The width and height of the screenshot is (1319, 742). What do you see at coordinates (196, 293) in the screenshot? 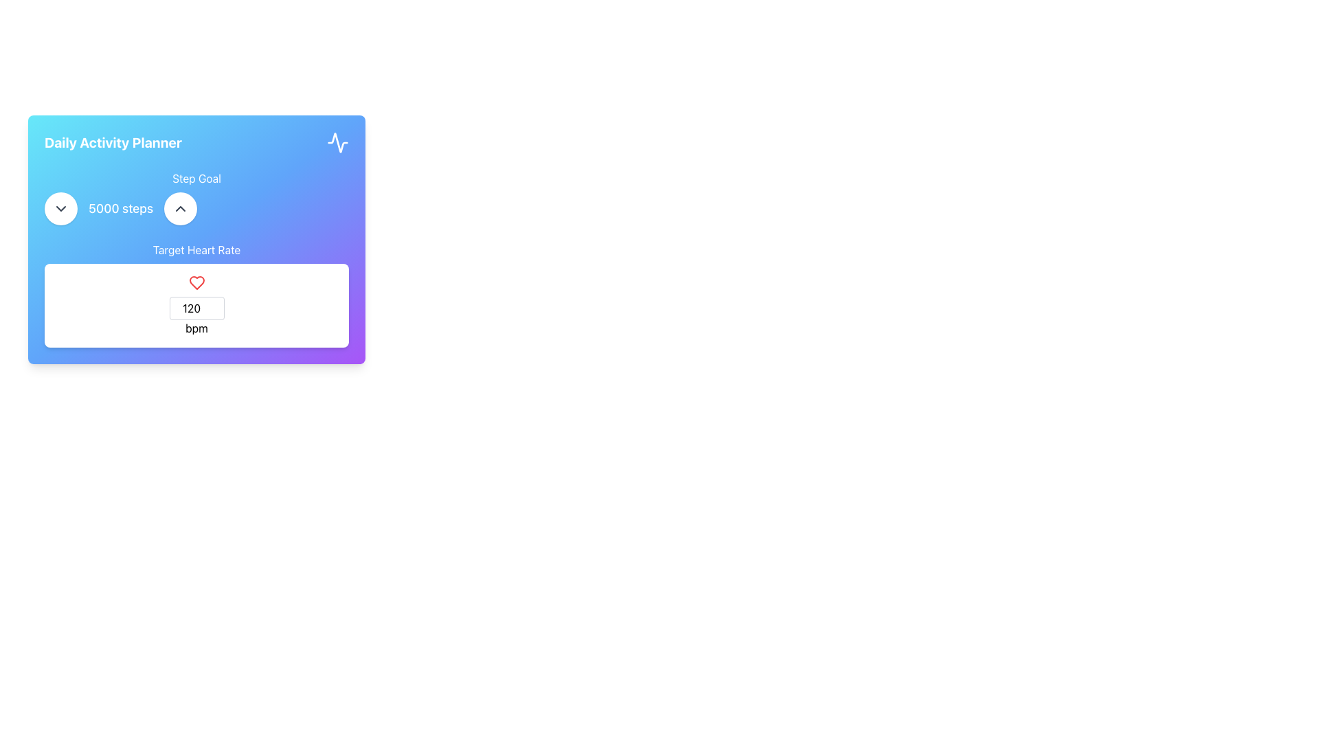
I see `the numeric input for adjusting the target heart rate in beats per minute (bpm) located in the 'Daily Activity Planner' section, below the 'Target Heart Rate' label` at bounding box center [196, 293].